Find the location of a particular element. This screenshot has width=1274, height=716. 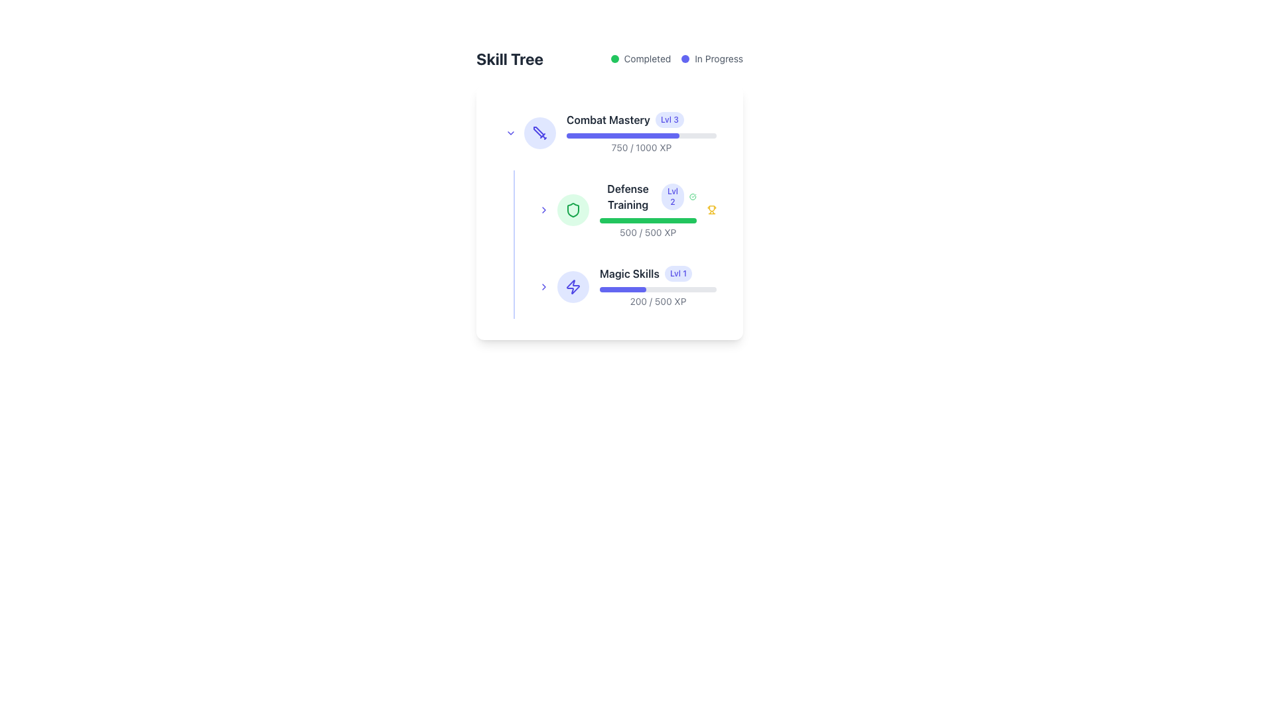

the static text label reading 'Completed', which is styled with a smaller font size and gray color, located immediately to the right of a green circular icon in the top-right section of the interface, to potentially view tooltips is located at coordinates (647, 58).